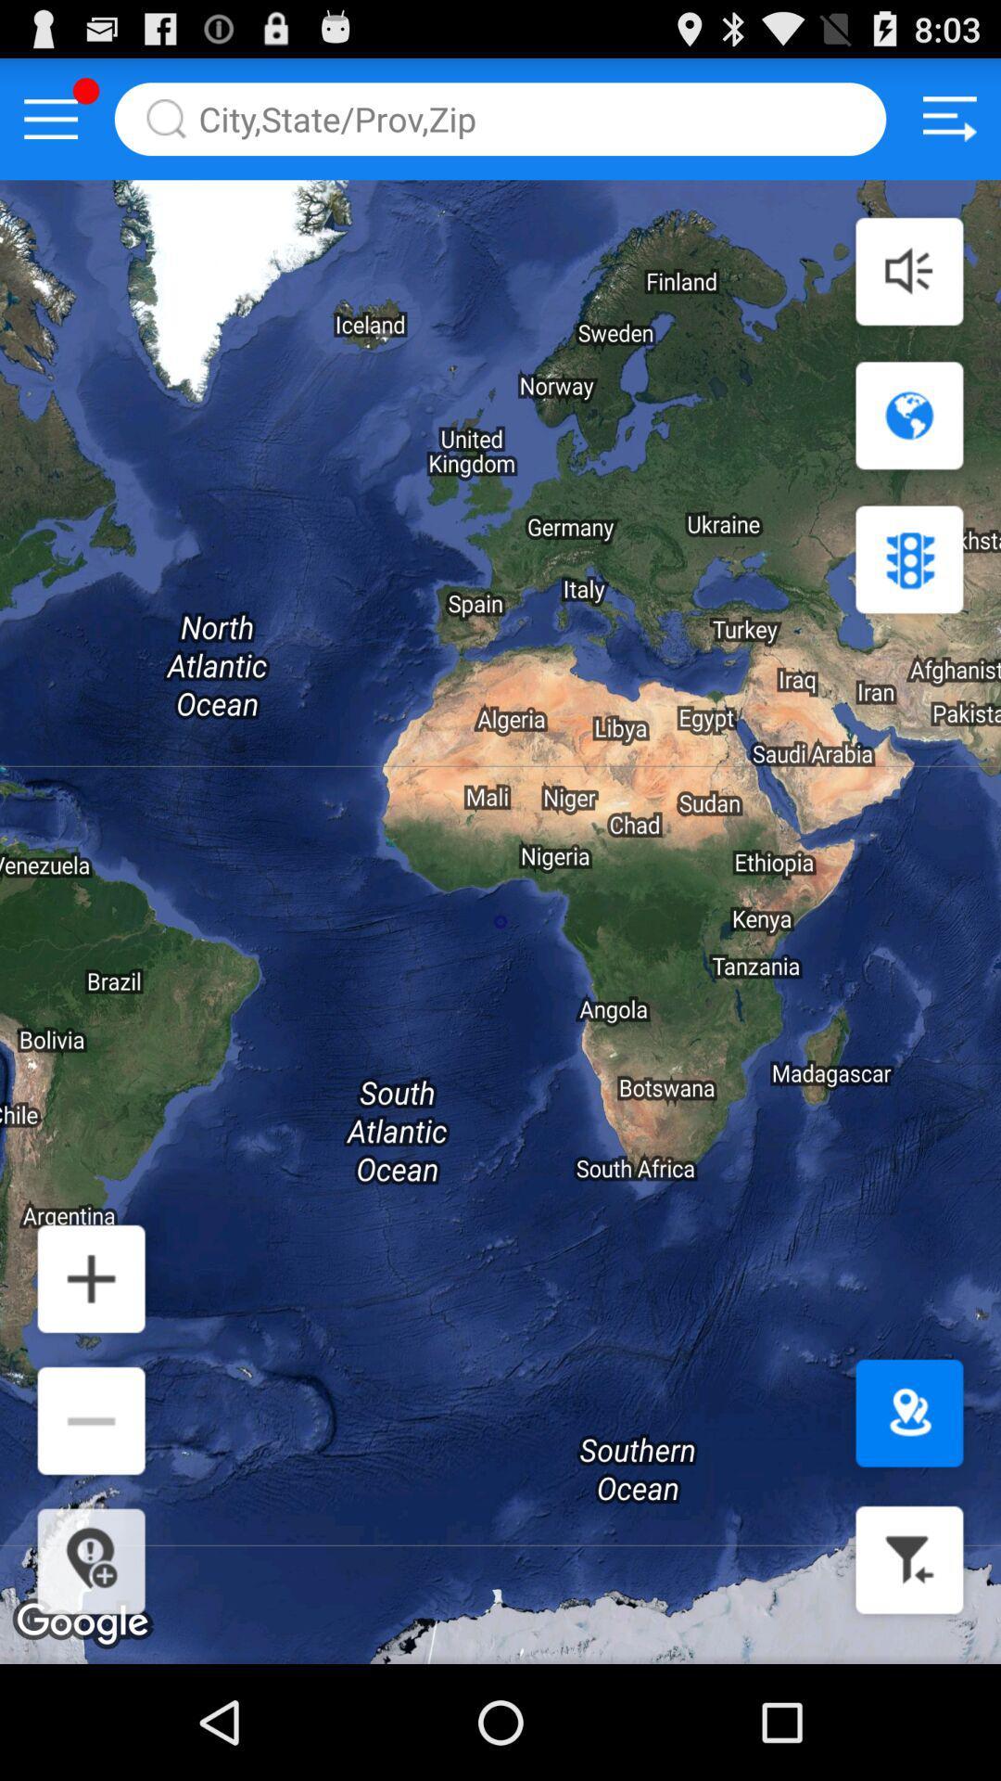 The image size is (1001, 1781). I want to click on the location icon, so click(91, 1671).